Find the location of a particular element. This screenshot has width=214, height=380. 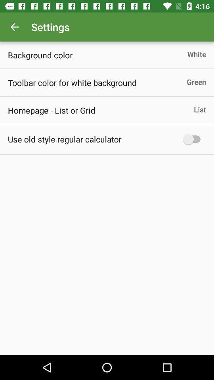

the icon next to the list is located at coordinates (52, 110).